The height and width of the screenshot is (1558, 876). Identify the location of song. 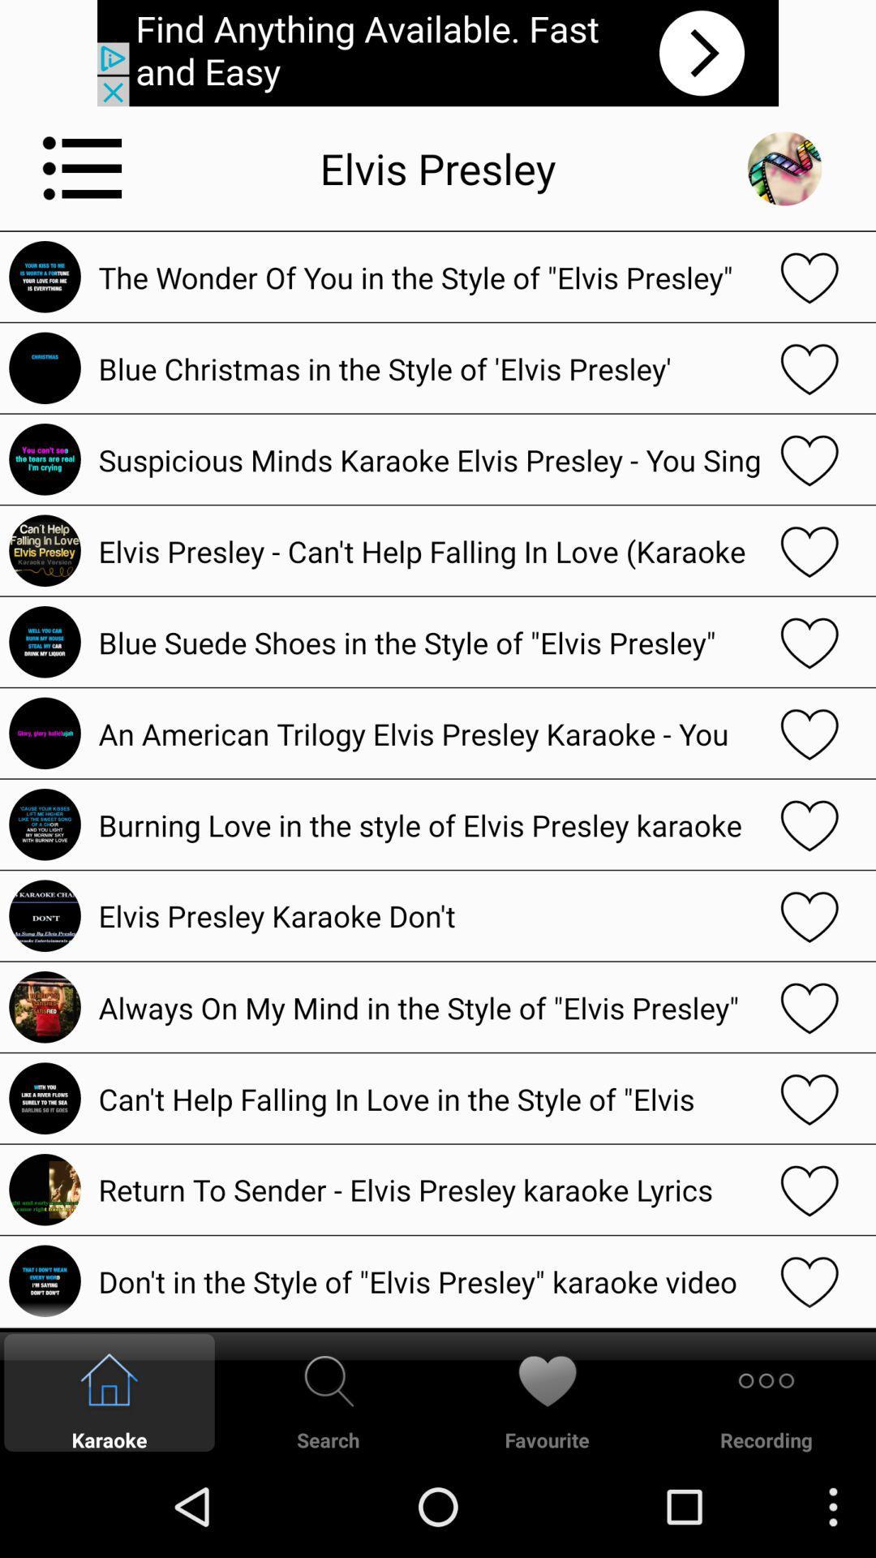
(809, 732).